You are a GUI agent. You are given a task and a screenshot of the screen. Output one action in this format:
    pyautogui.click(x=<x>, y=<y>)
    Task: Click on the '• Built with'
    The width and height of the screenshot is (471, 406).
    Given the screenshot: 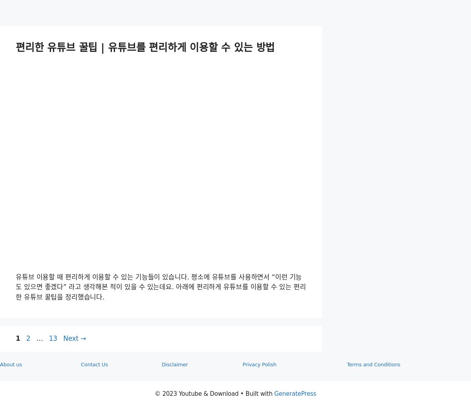 What is the action you would take?
    pyautogui.click(x=256, y=393)
    